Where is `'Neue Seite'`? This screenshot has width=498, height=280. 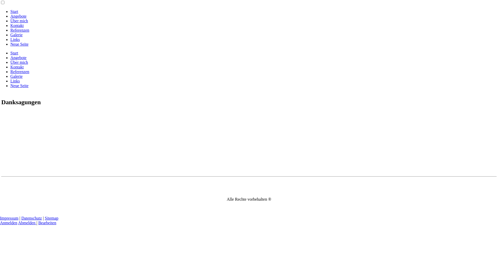 'Neue Seite' is located at coordinates (19, 44).